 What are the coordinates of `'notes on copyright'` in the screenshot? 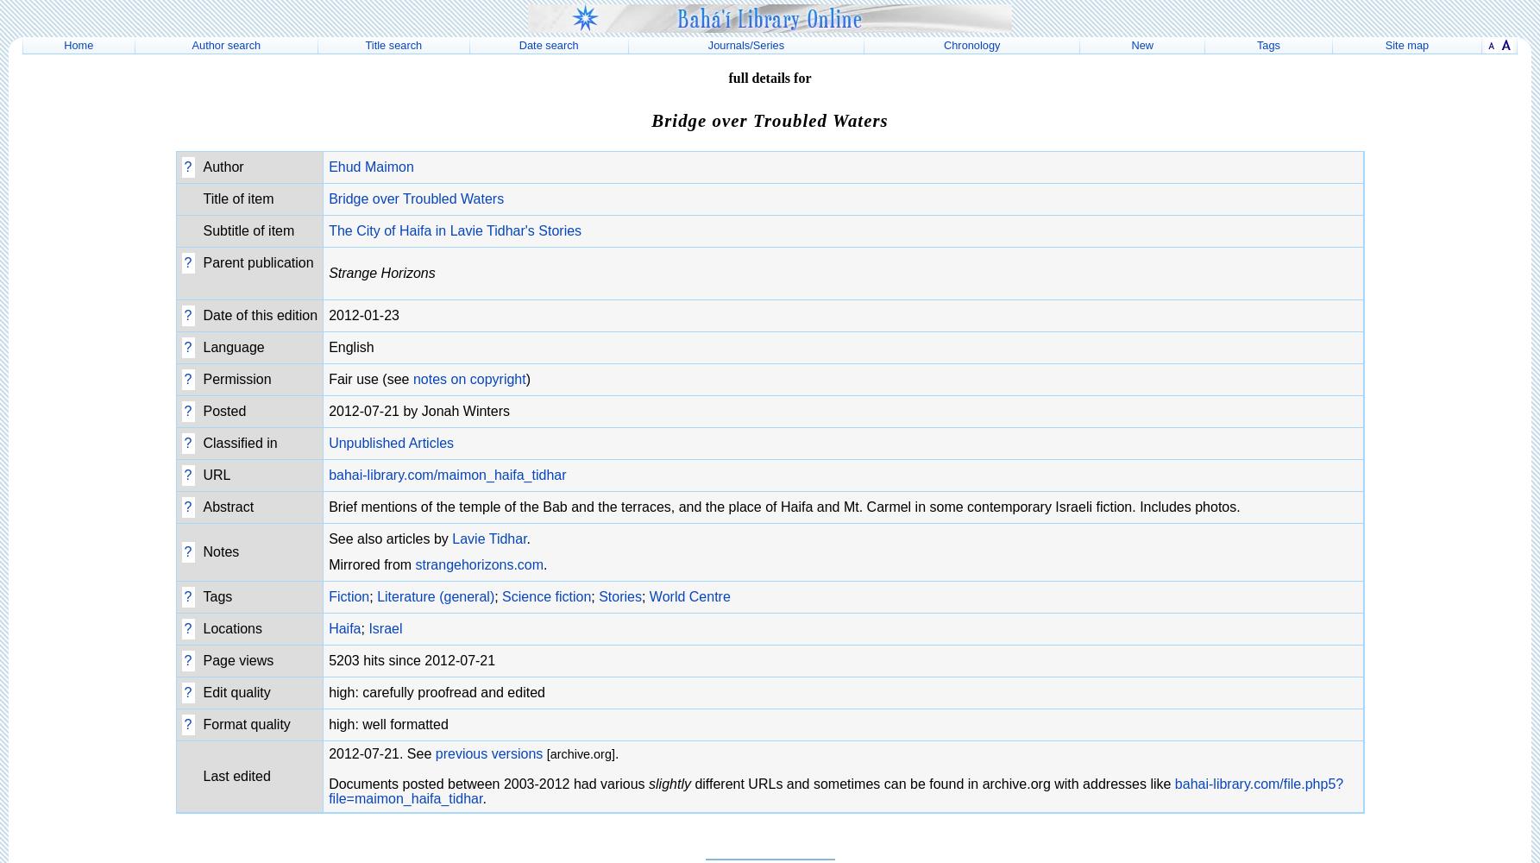 It's located at (468, 378).